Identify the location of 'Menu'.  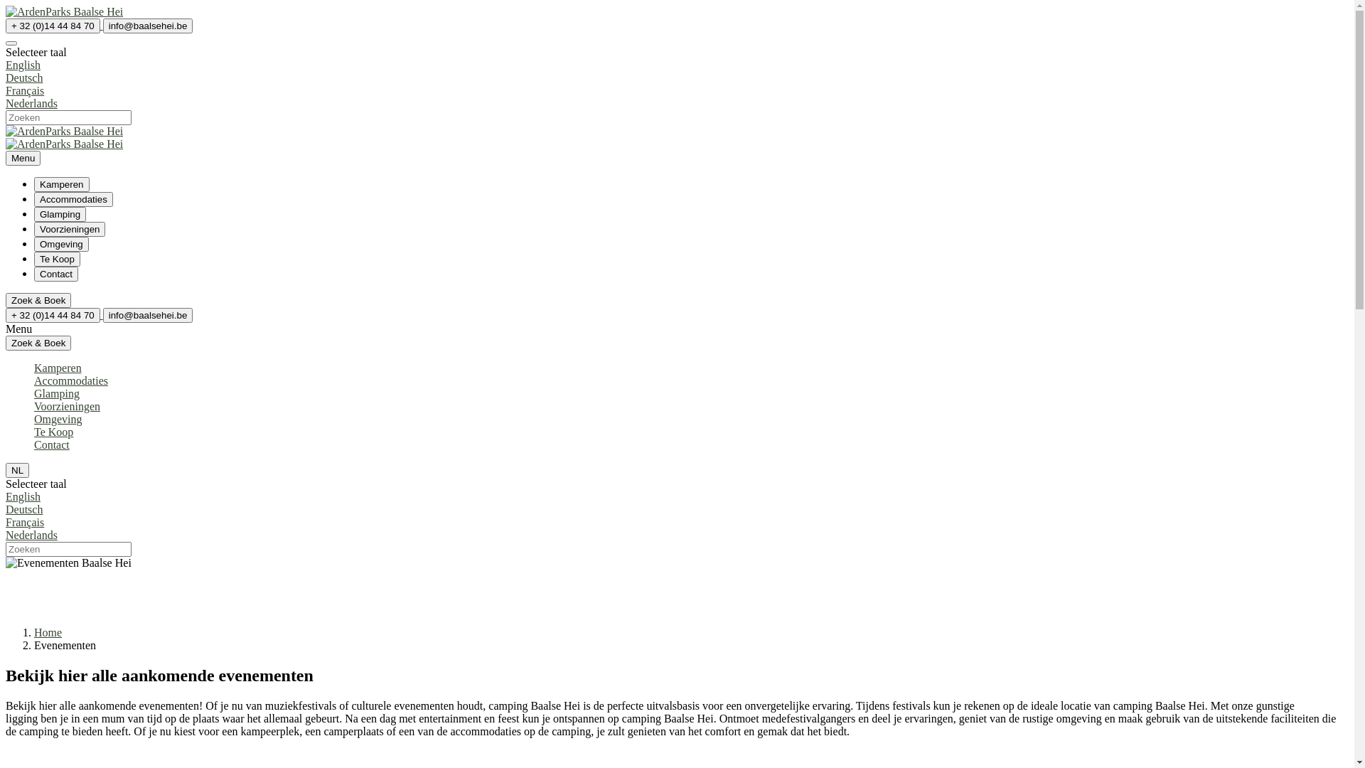
(23, 158).